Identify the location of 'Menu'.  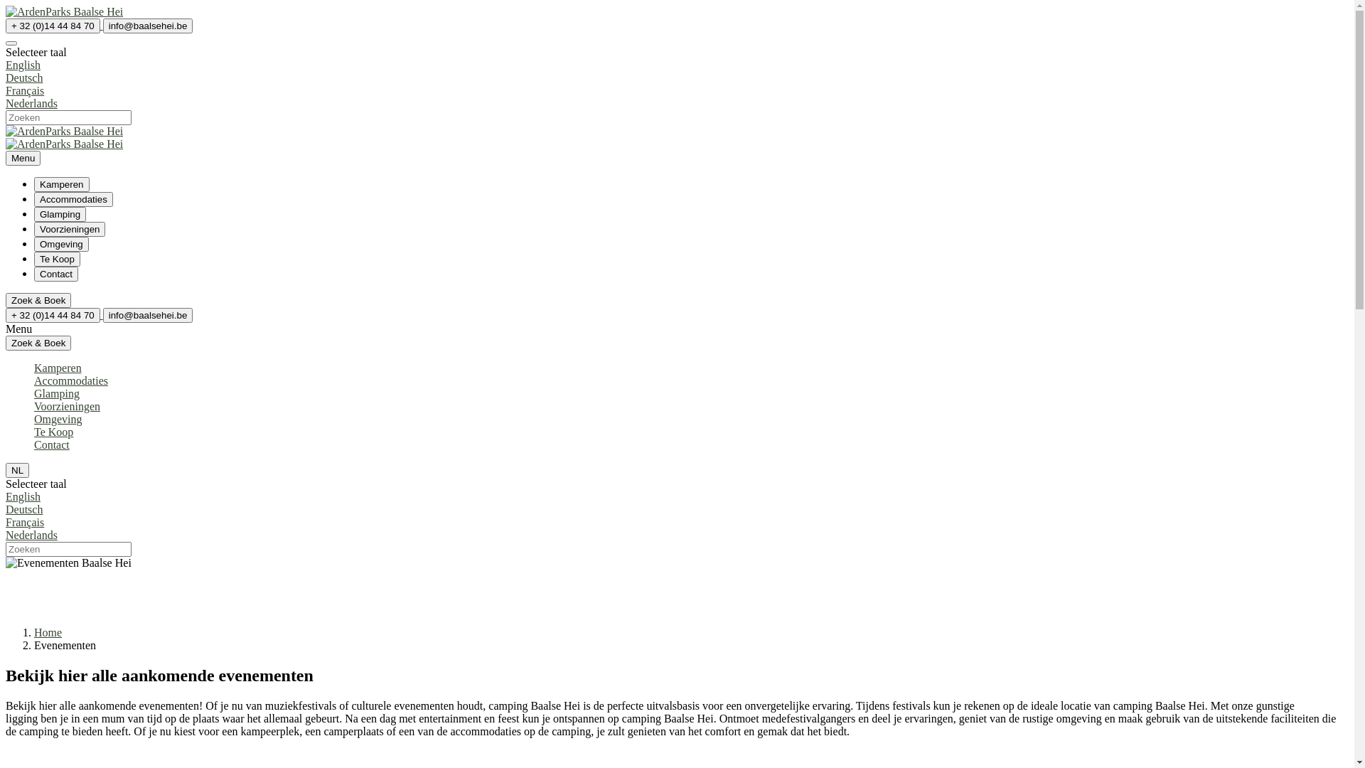
(23, 158).